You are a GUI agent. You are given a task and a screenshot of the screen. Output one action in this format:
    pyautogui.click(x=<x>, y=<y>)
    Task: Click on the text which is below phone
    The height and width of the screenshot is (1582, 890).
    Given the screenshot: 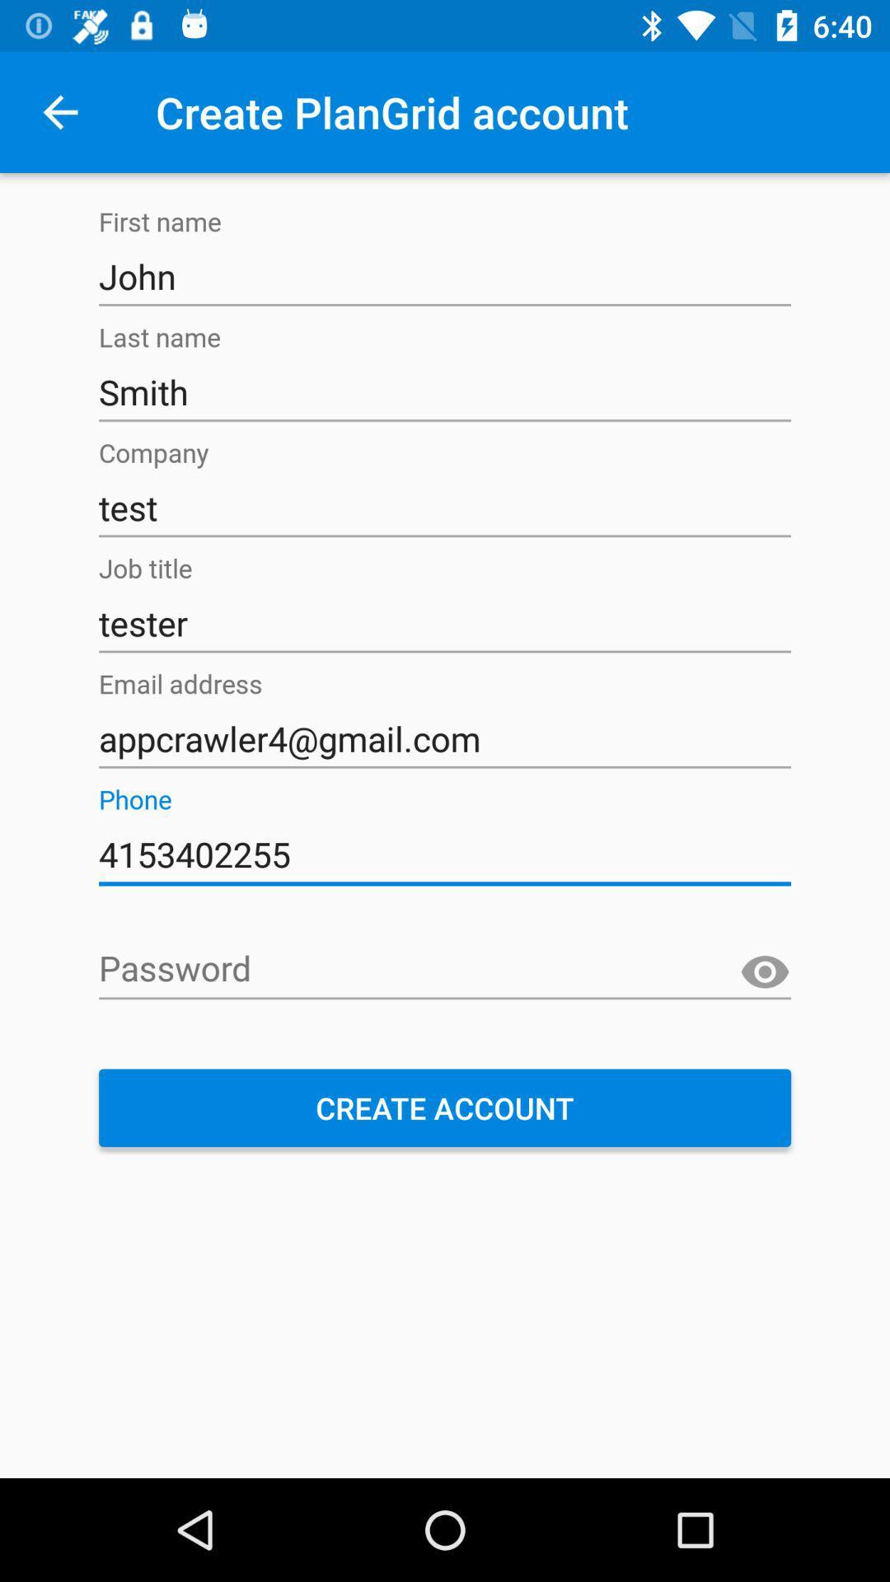 What is the action you would take?
    pyautogui.click(x=445, y=854)
    